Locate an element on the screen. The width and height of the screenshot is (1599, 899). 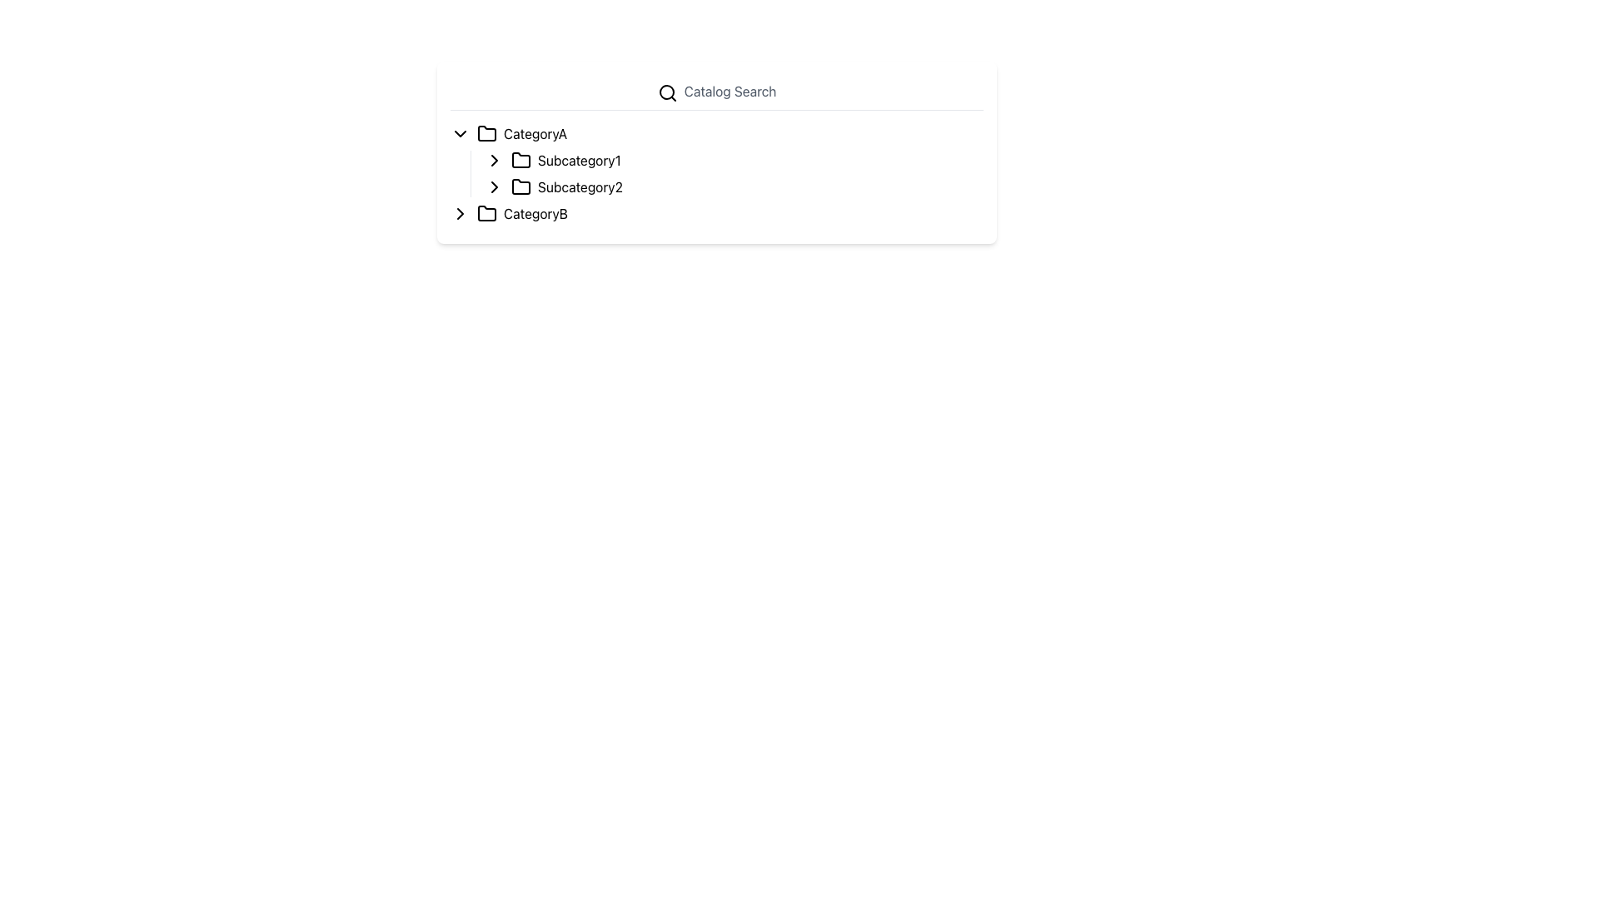
the folder icon representing the 'Subcategory2' item, which is the second icon from the left in its horizontal layout is located at coordinates (520, 186).